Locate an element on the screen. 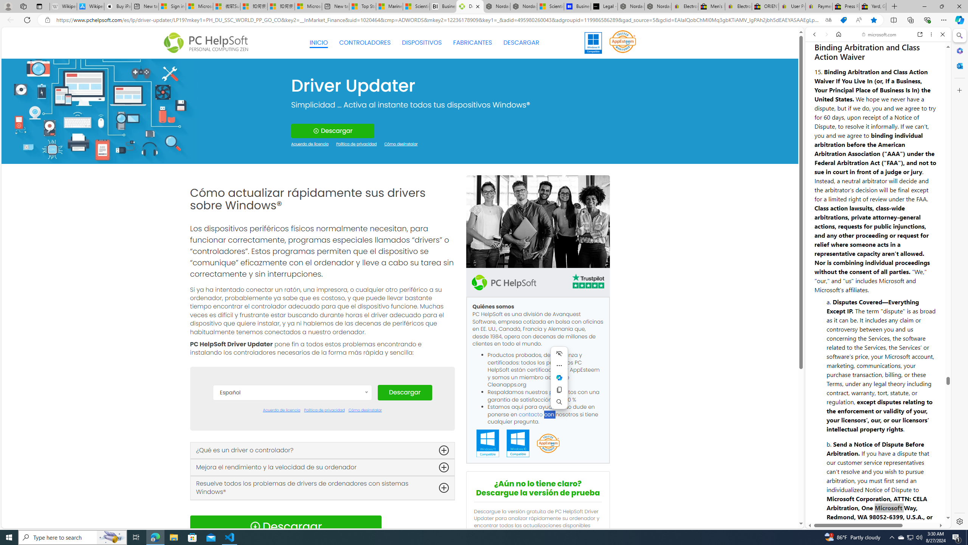 Image resolution: width=968 pixels, height=545 pixels. 'App Esteem' is located at coordinates (547, 443).